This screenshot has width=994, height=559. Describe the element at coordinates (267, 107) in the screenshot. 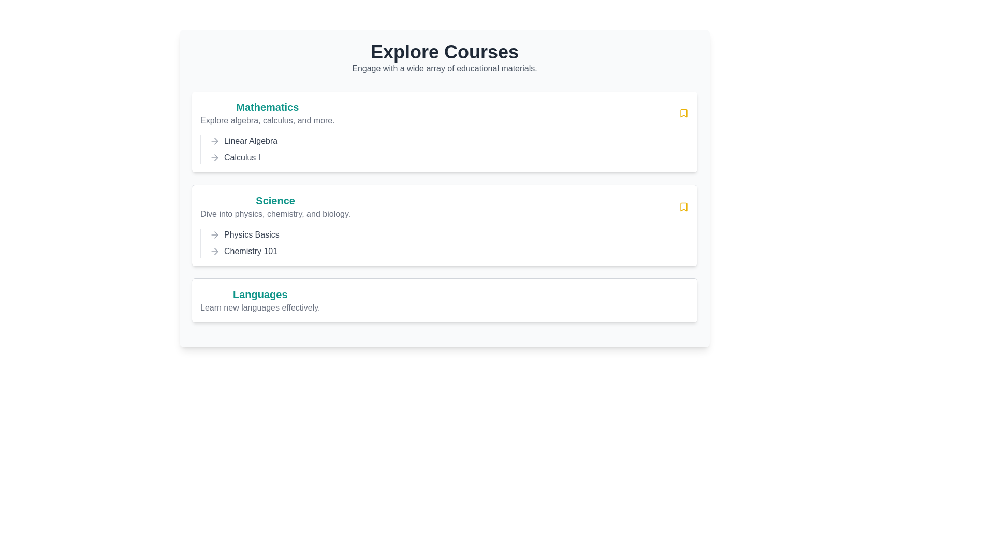

I see `the clickable text link that serves as the title header for the 'Mathematics' category` at that location.